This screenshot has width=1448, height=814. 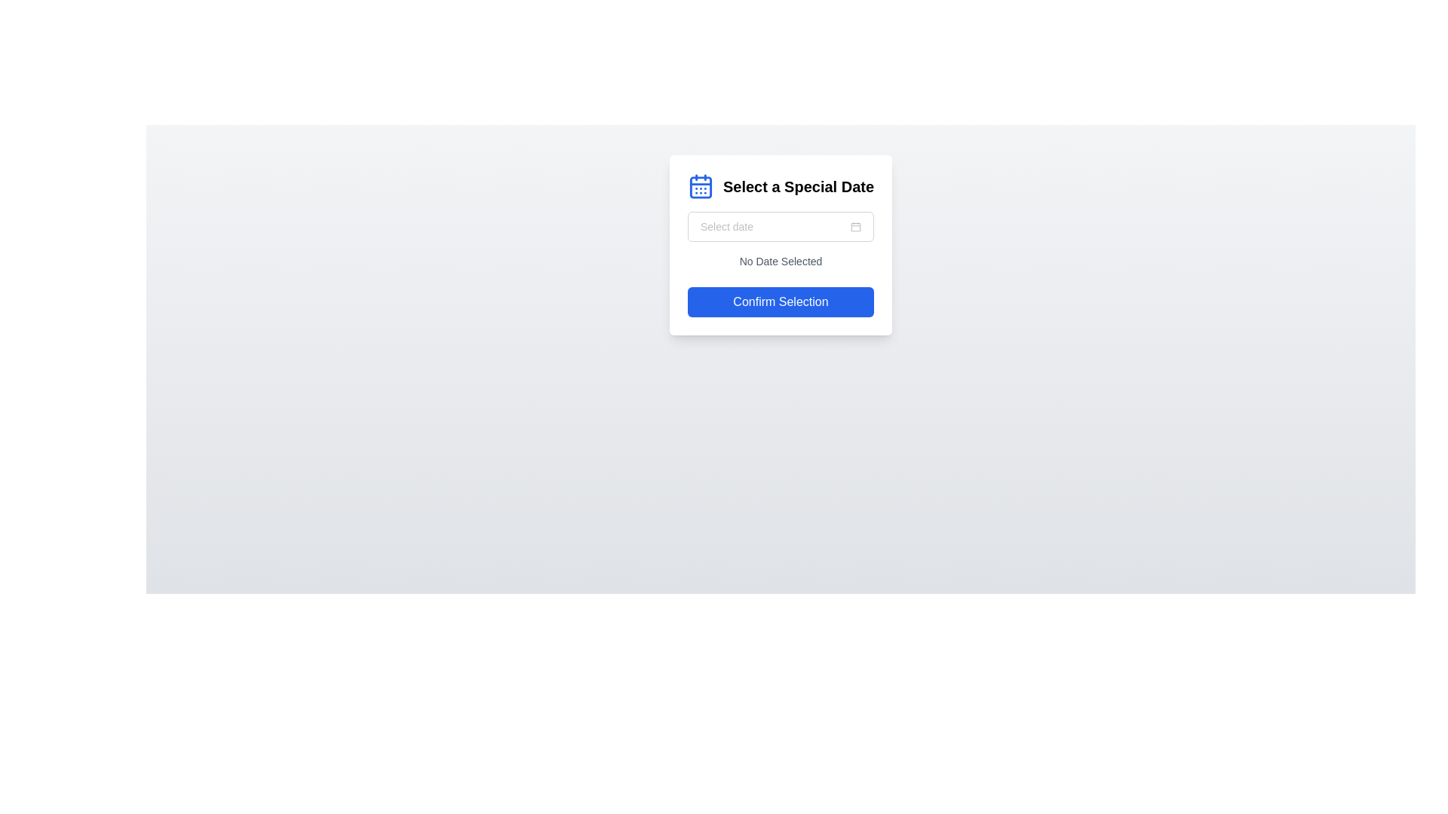 I want to click on the Date picker input field located beneath the title 'Select a Special Date', so click(x=781, y=226).